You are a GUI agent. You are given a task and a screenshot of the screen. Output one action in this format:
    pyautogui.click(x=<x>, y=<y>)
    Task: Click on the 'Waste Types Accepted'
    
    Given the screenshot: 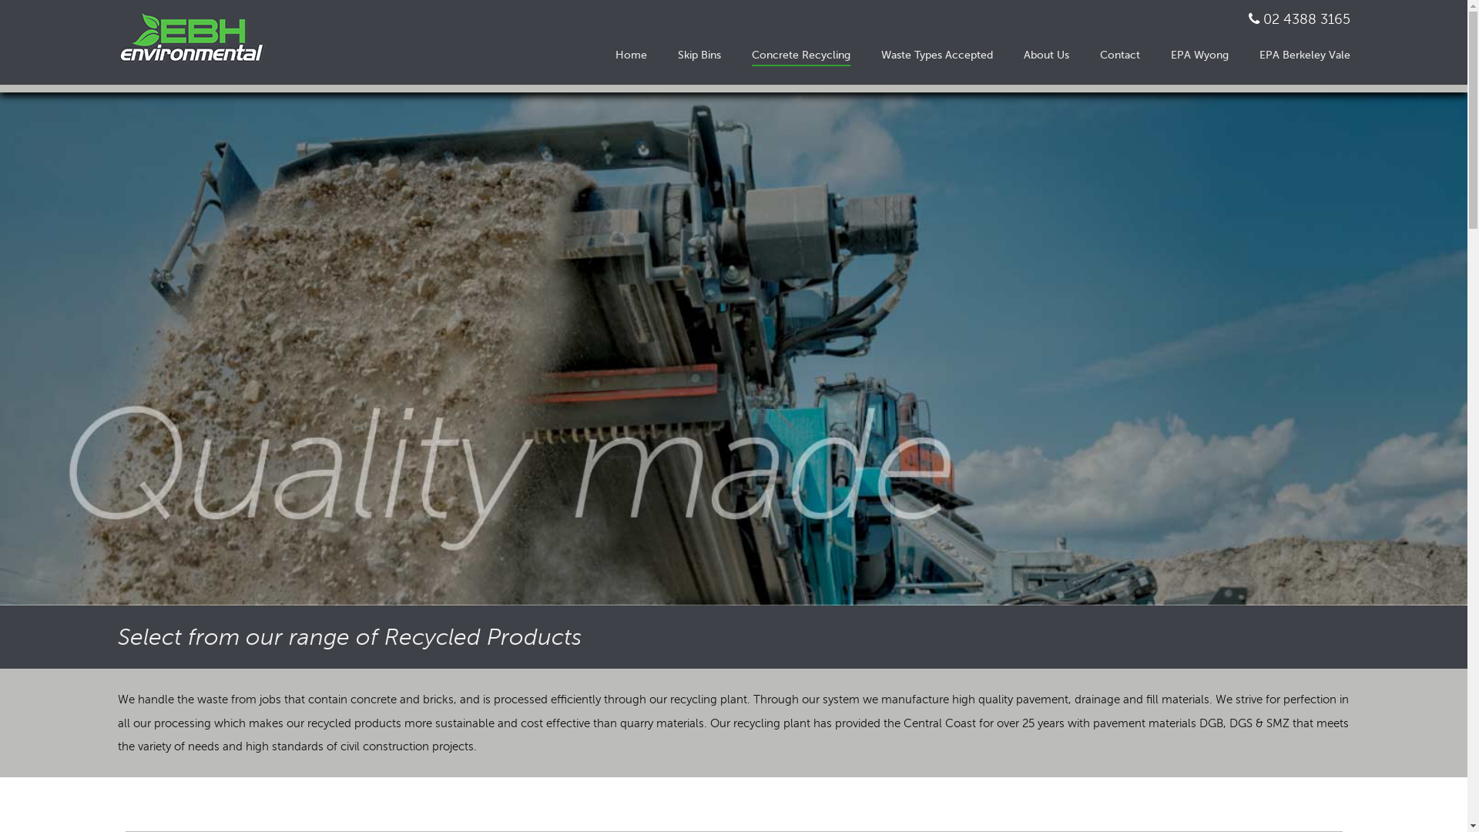 What is the action you would take?
    pyautogui.click(x=936, y=54)
    